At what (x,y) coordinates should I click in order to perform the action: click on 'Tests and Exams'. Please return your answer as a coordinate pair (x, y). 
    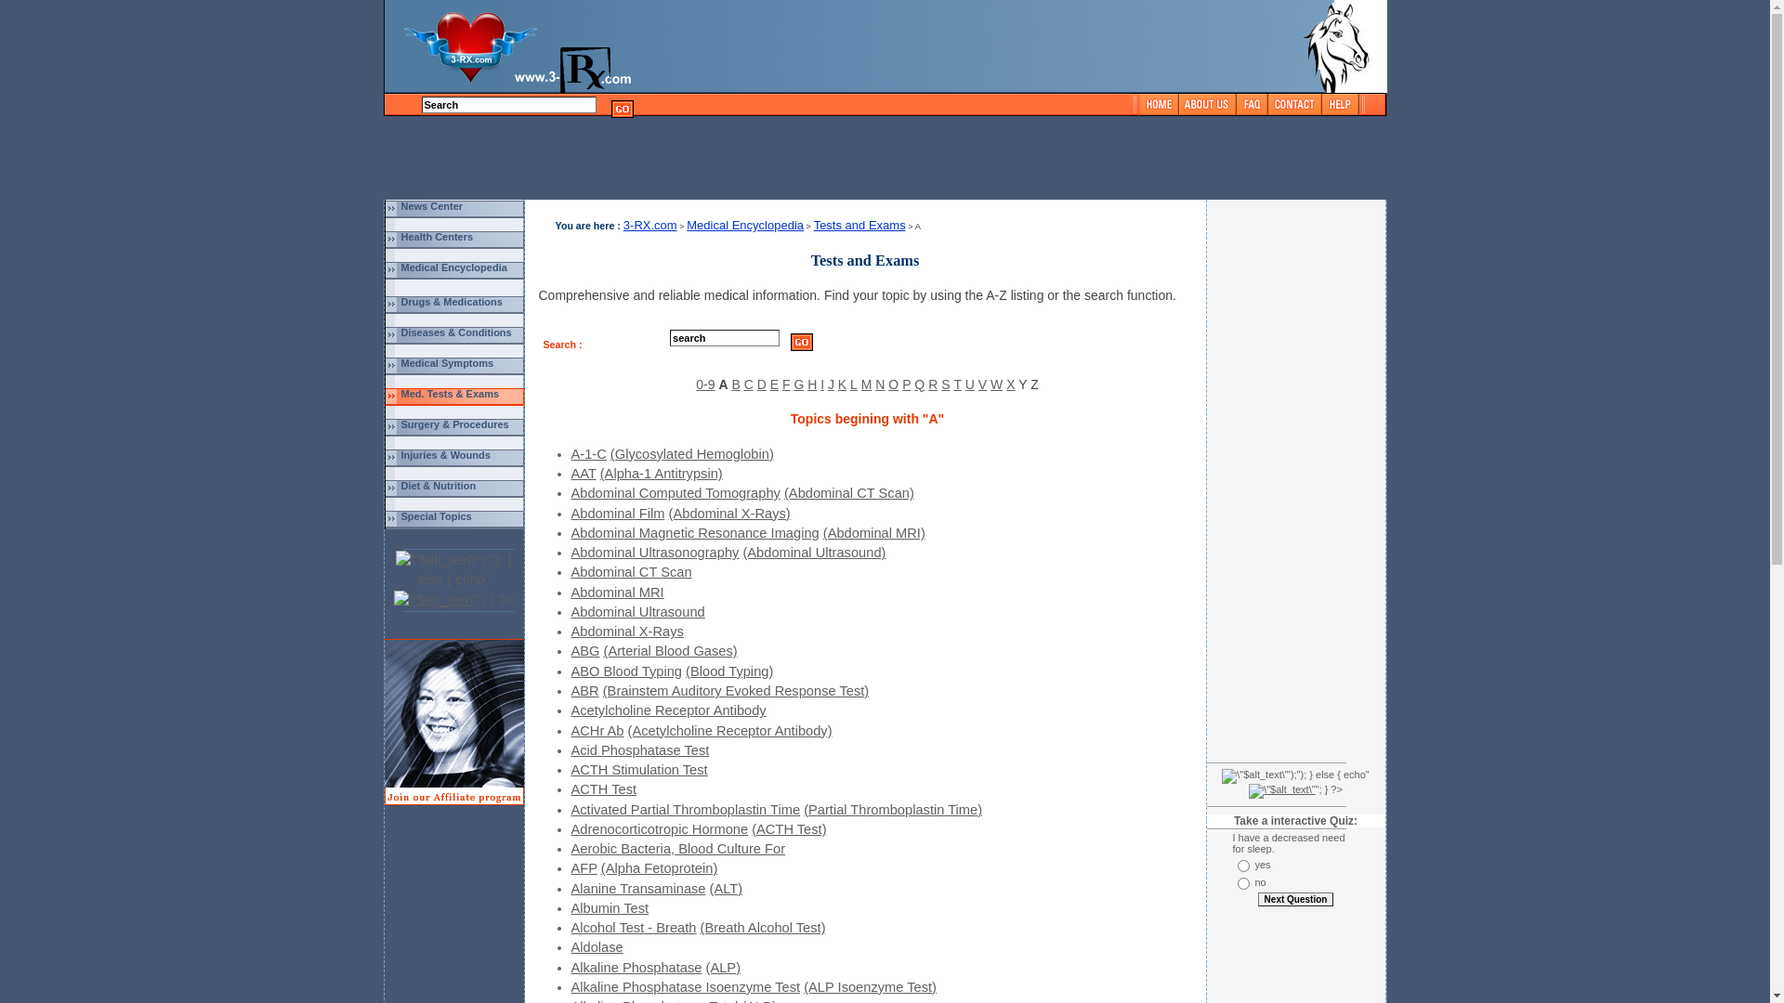
    Looking at the image, I should click on (859, 224).